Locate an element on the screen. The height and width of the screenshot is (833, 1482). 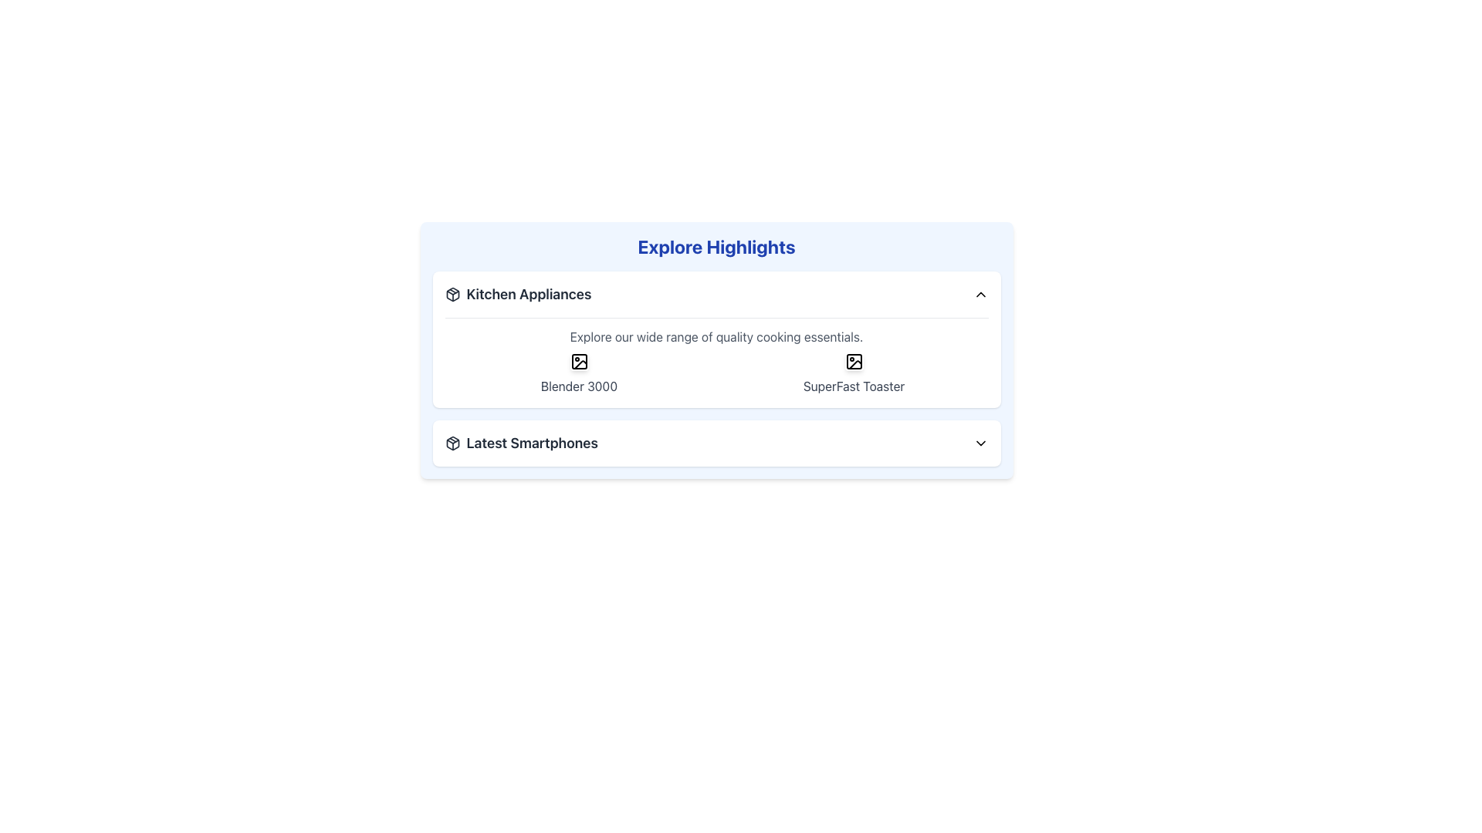
the chevron icon located at the far right of the 'Latest Smartphones' text is located at coordinates (980, 443).